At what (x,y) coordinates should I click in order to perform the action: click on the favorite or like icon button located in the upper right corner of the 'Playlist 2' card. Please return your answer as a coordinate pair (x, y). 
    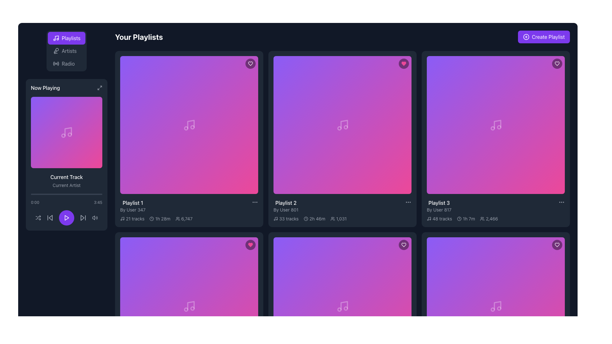
    Looking at the image, I should click on (250, 244).